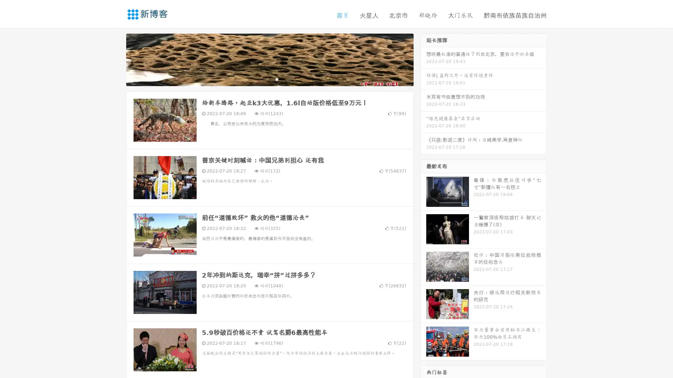 This screenshot has width=673, height=378. What do you see at coordinates (423, 59) in the screenshot?
I see `Next slide` at bounding box center [423, 59].